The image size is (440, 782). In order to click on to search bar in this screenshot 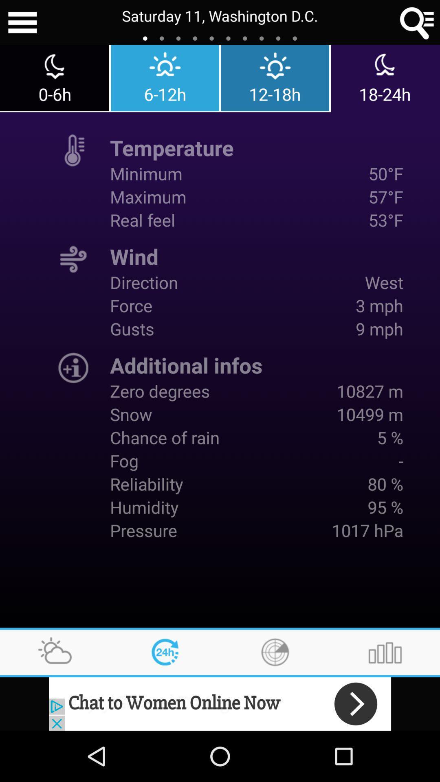, I will do `click(417, 22)`.